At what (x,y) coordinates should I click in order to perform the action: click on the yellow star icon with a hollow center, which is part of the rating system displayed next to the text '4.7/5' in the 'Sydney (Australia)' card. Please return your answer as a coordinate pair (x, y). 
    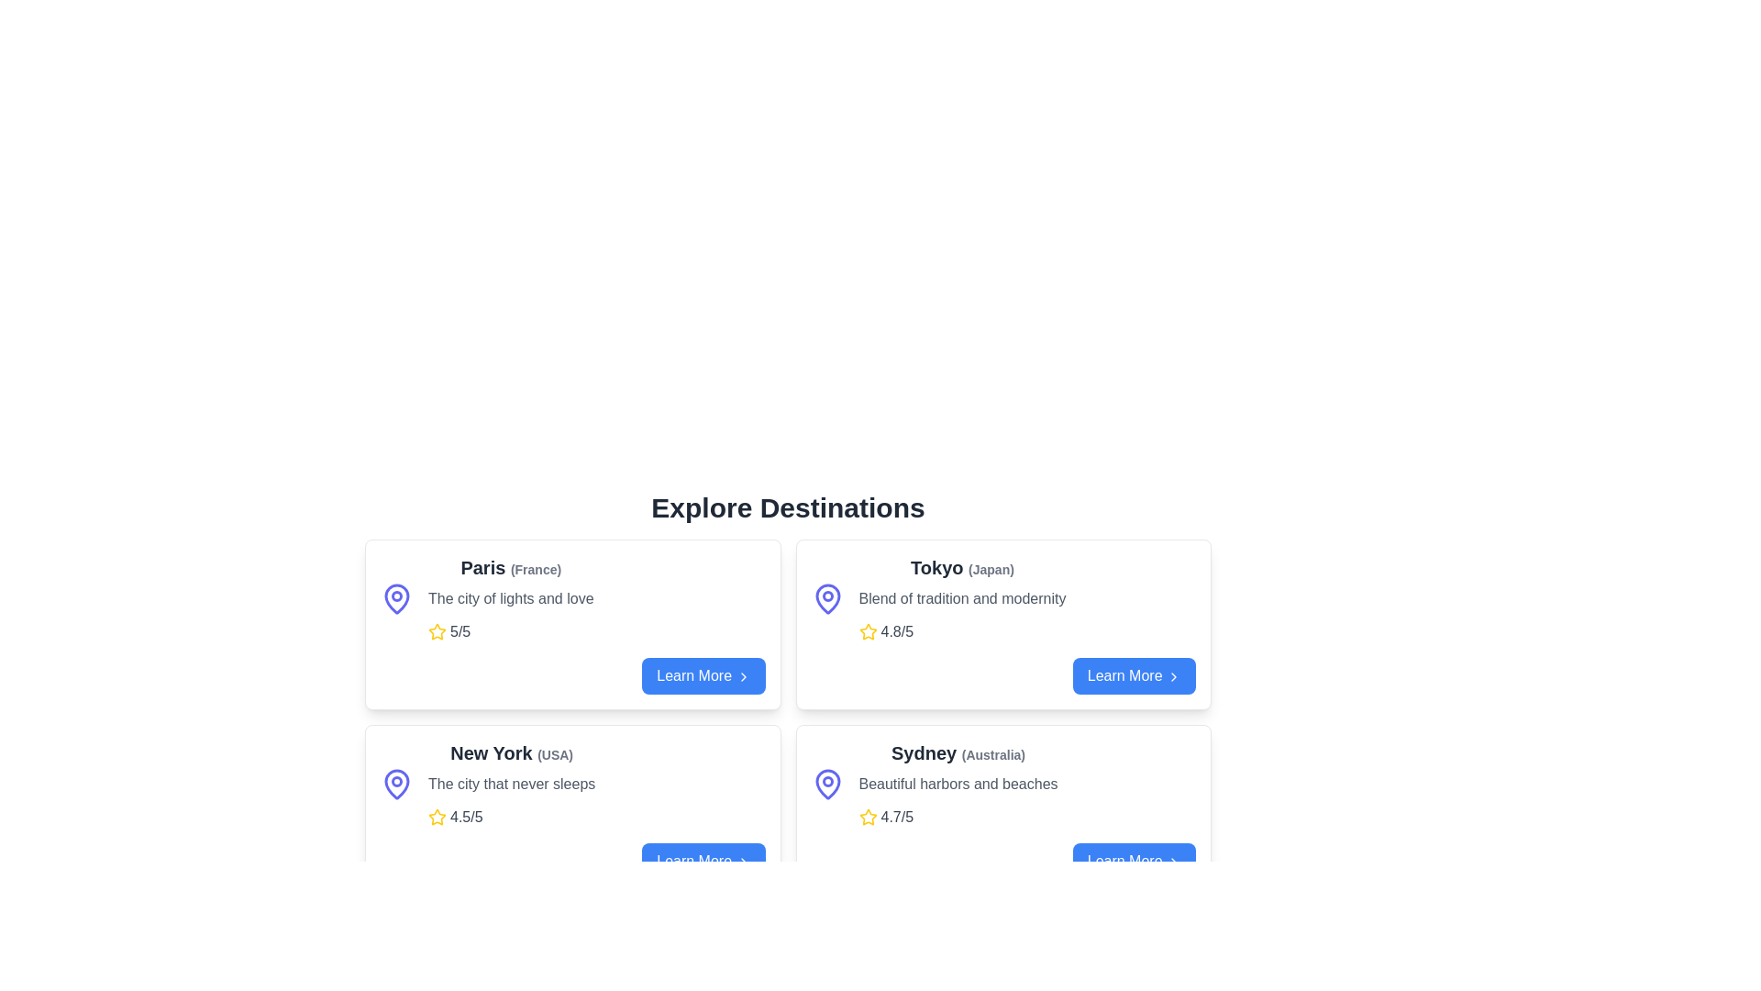
    Looking at the image, I should click on (867, 817).